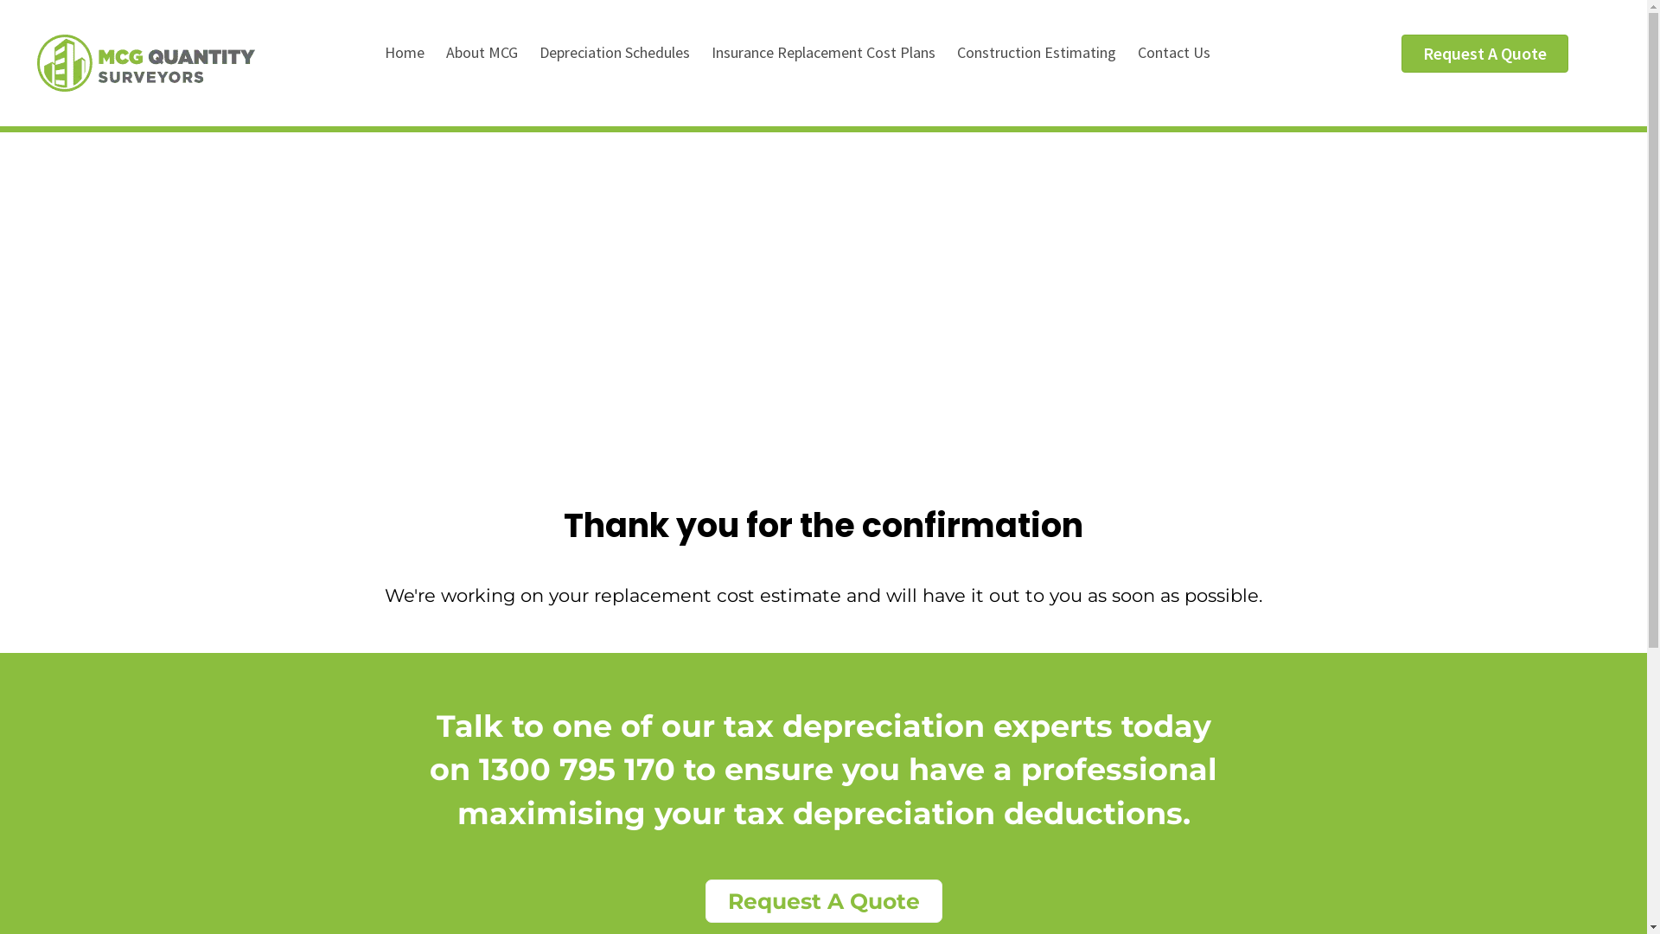  What do you see at coordinates (624, 50) in the screenshot?
I see `'Depreciation Schedules'` at bounding box center [624, 50].